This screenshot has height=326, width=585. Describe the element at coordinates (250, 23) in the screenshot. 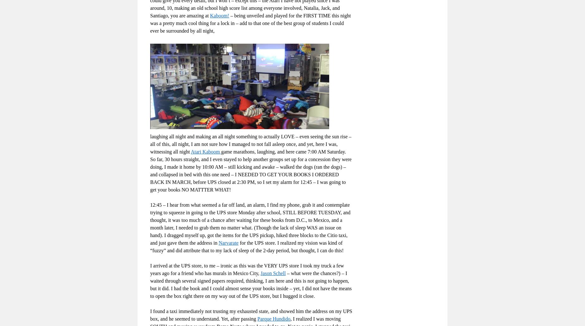

I see `'– being unveiled and played for the FIRST TIME this night was a pretty much cool thing for a lock in – add to that one of the best group of students I could ever be surrounded by all night,'` at that location.